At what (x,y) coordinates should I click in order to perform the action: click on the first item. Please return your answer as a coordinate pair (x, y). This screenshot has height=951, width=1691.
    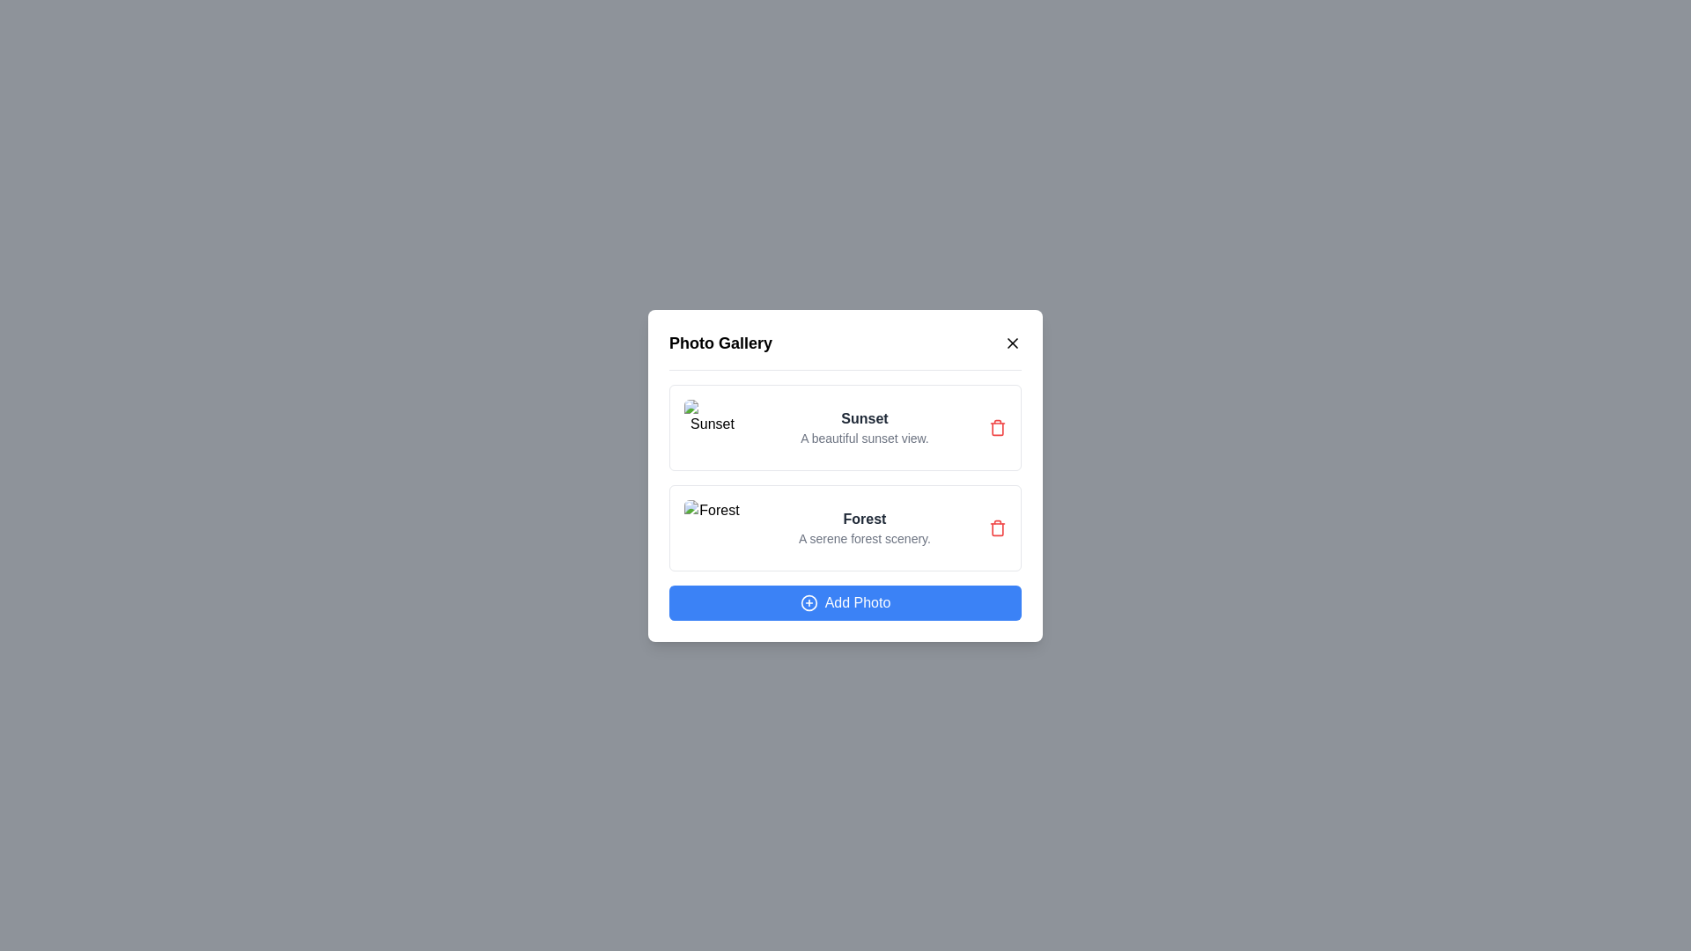
    Looking at the image, I should click on (845, 427).